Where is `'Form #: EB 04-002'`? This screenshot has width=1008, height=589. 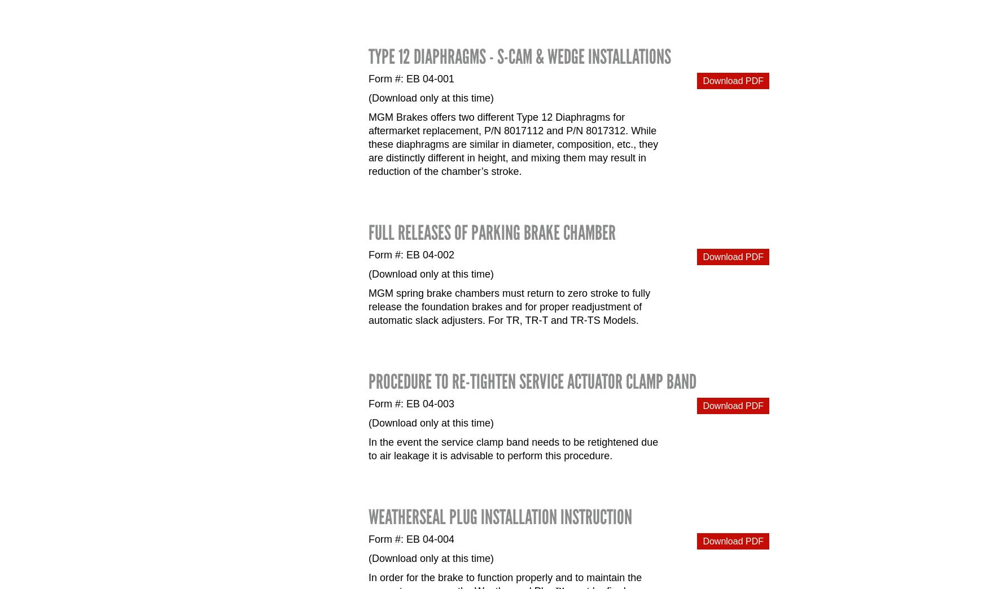
'Form #: EB 04-002' is located at coordinates (411, 254).